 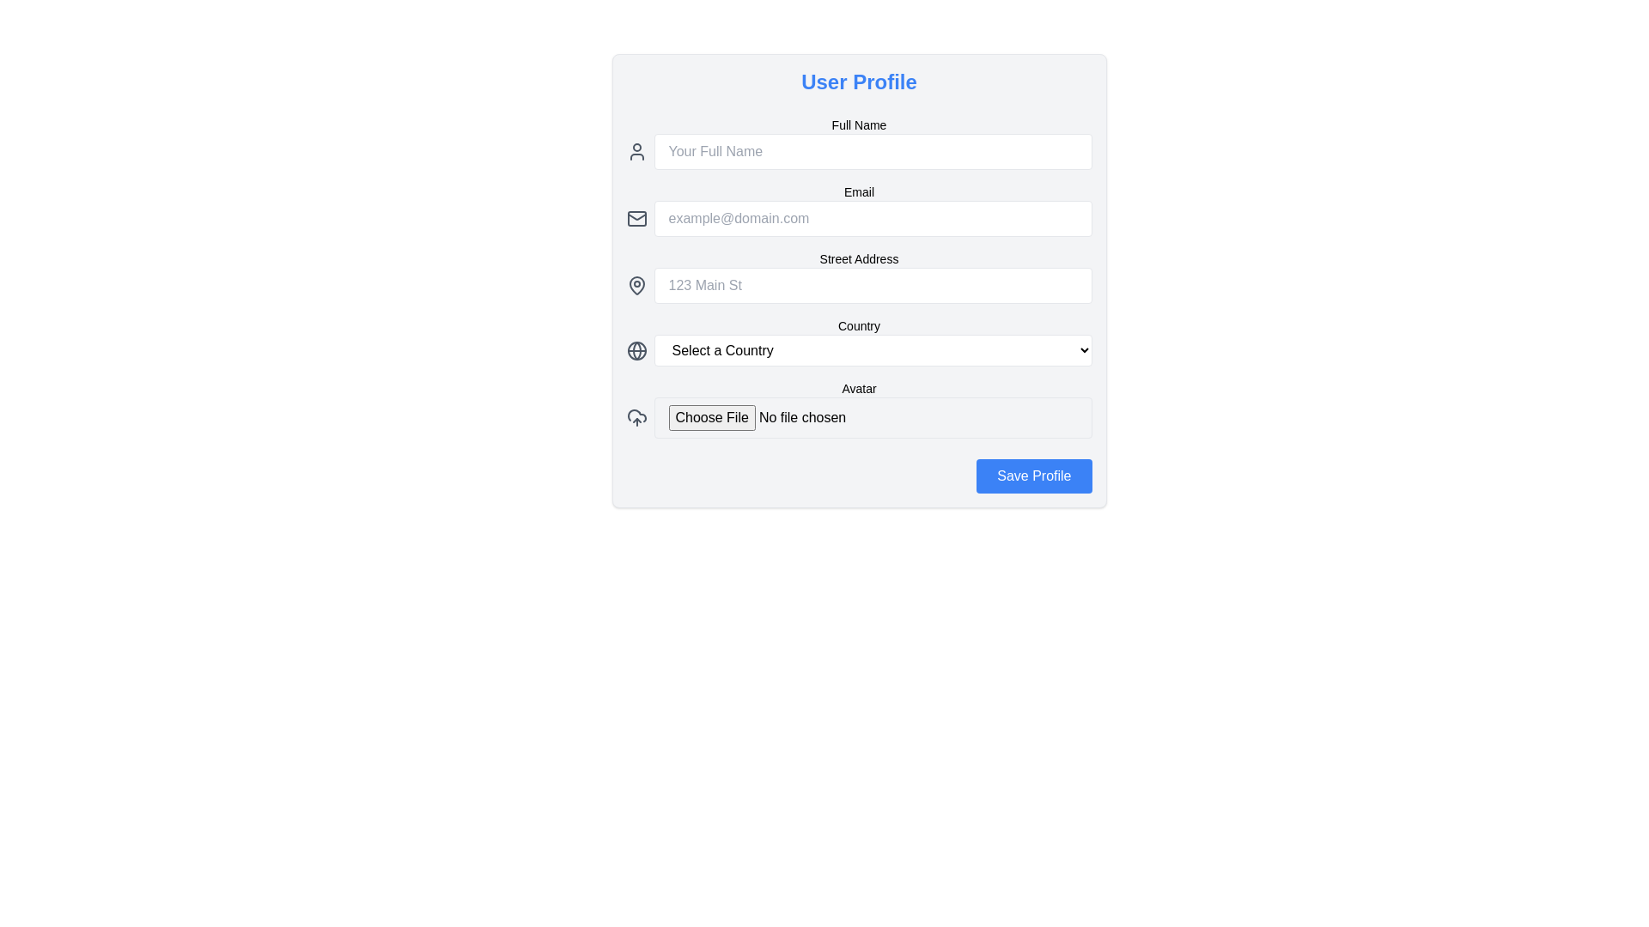 What do you see at coordinates (873, 417) in the screenshot?
I see `the File input field labeled 'Avatar'` at bounding box center [873, 417].